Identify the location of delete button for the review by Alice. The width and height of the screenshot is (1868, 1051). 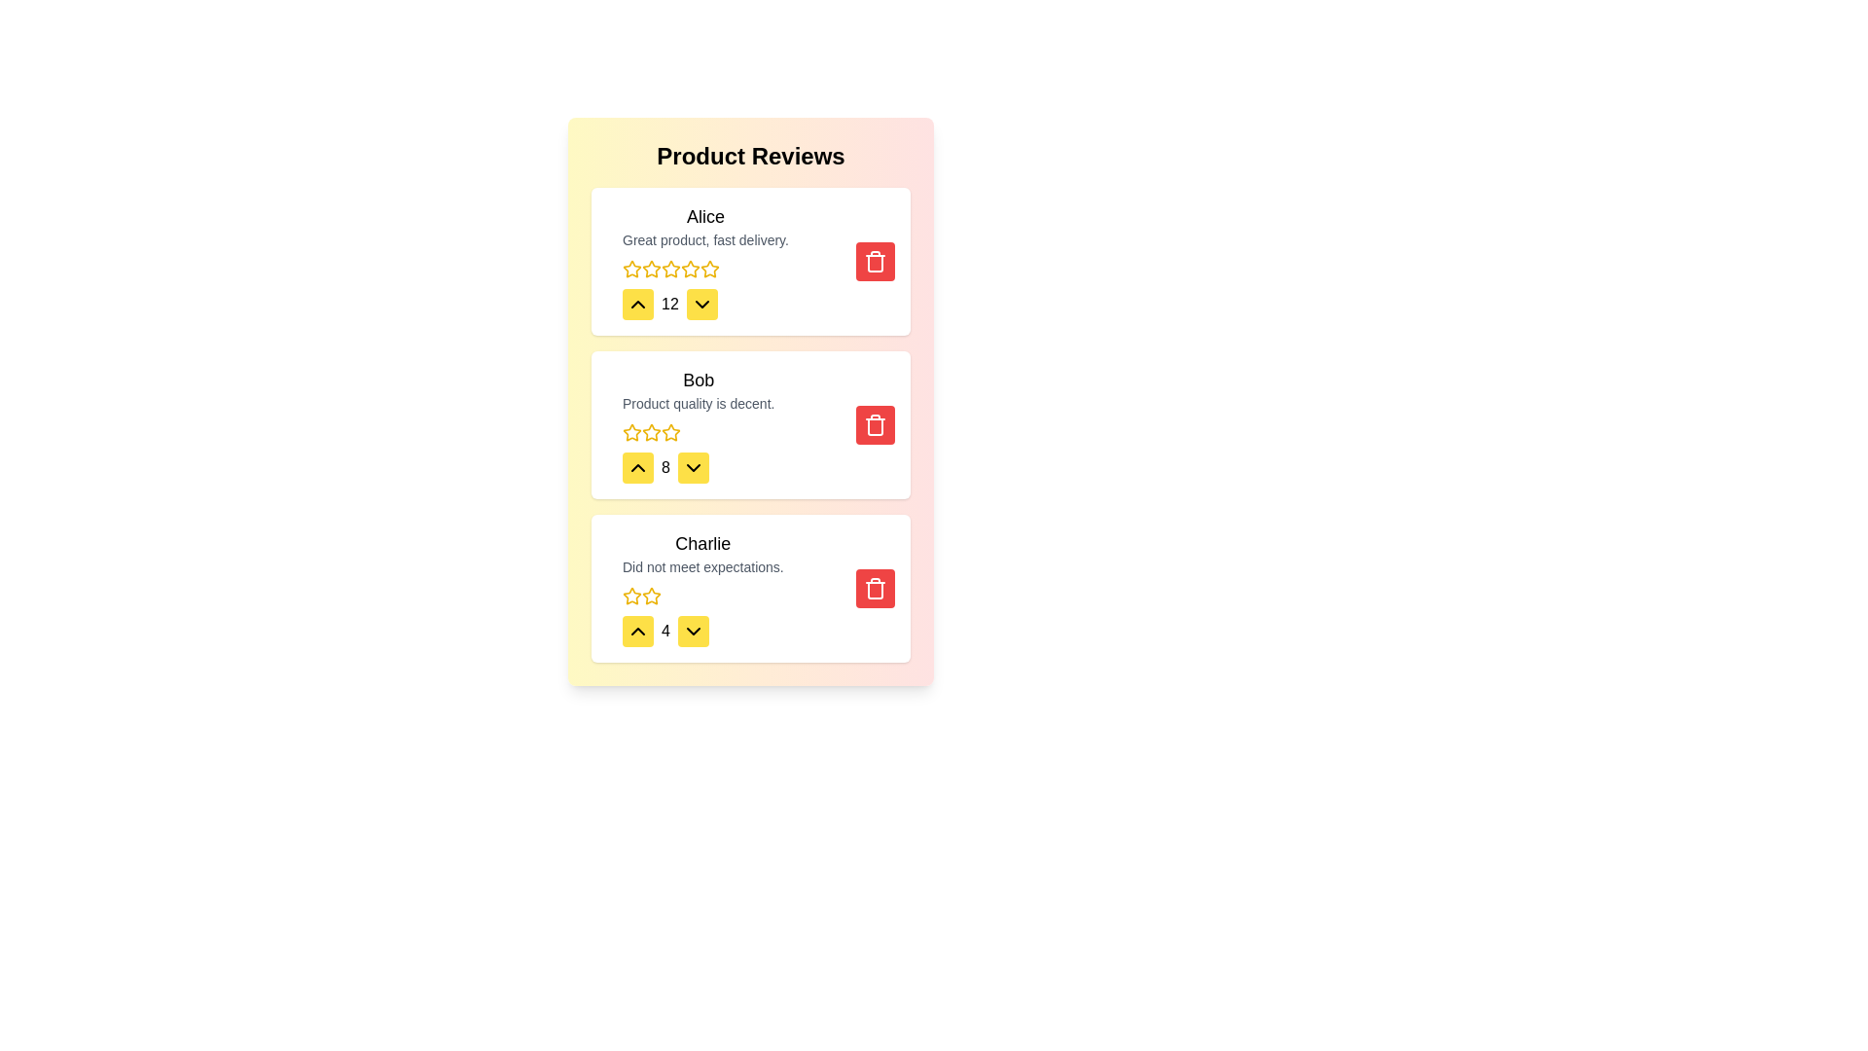
(875, 261).